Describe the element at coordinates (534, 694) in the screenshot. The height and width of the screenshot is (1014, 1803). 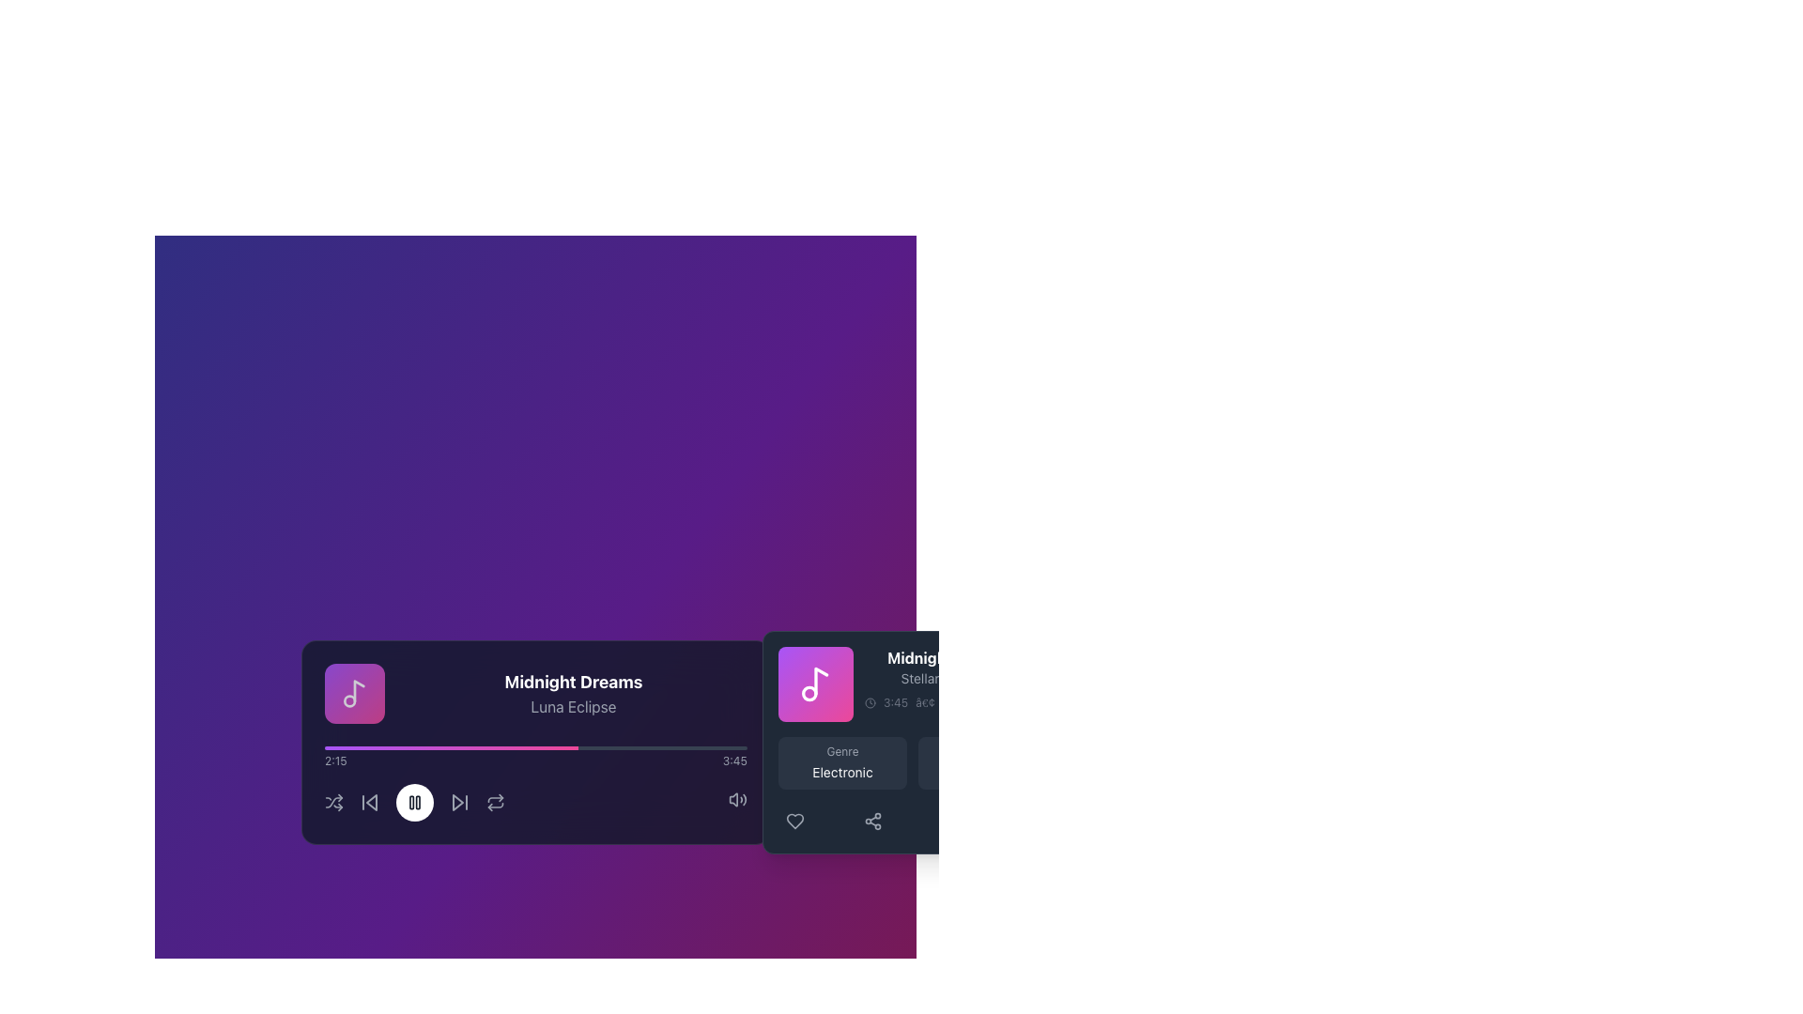
I see `the text display section that shows 'Midnight Dreams' in bold white font above 'Luna Eclipse' in smaller gray font, located on a dark purple background` at that location.